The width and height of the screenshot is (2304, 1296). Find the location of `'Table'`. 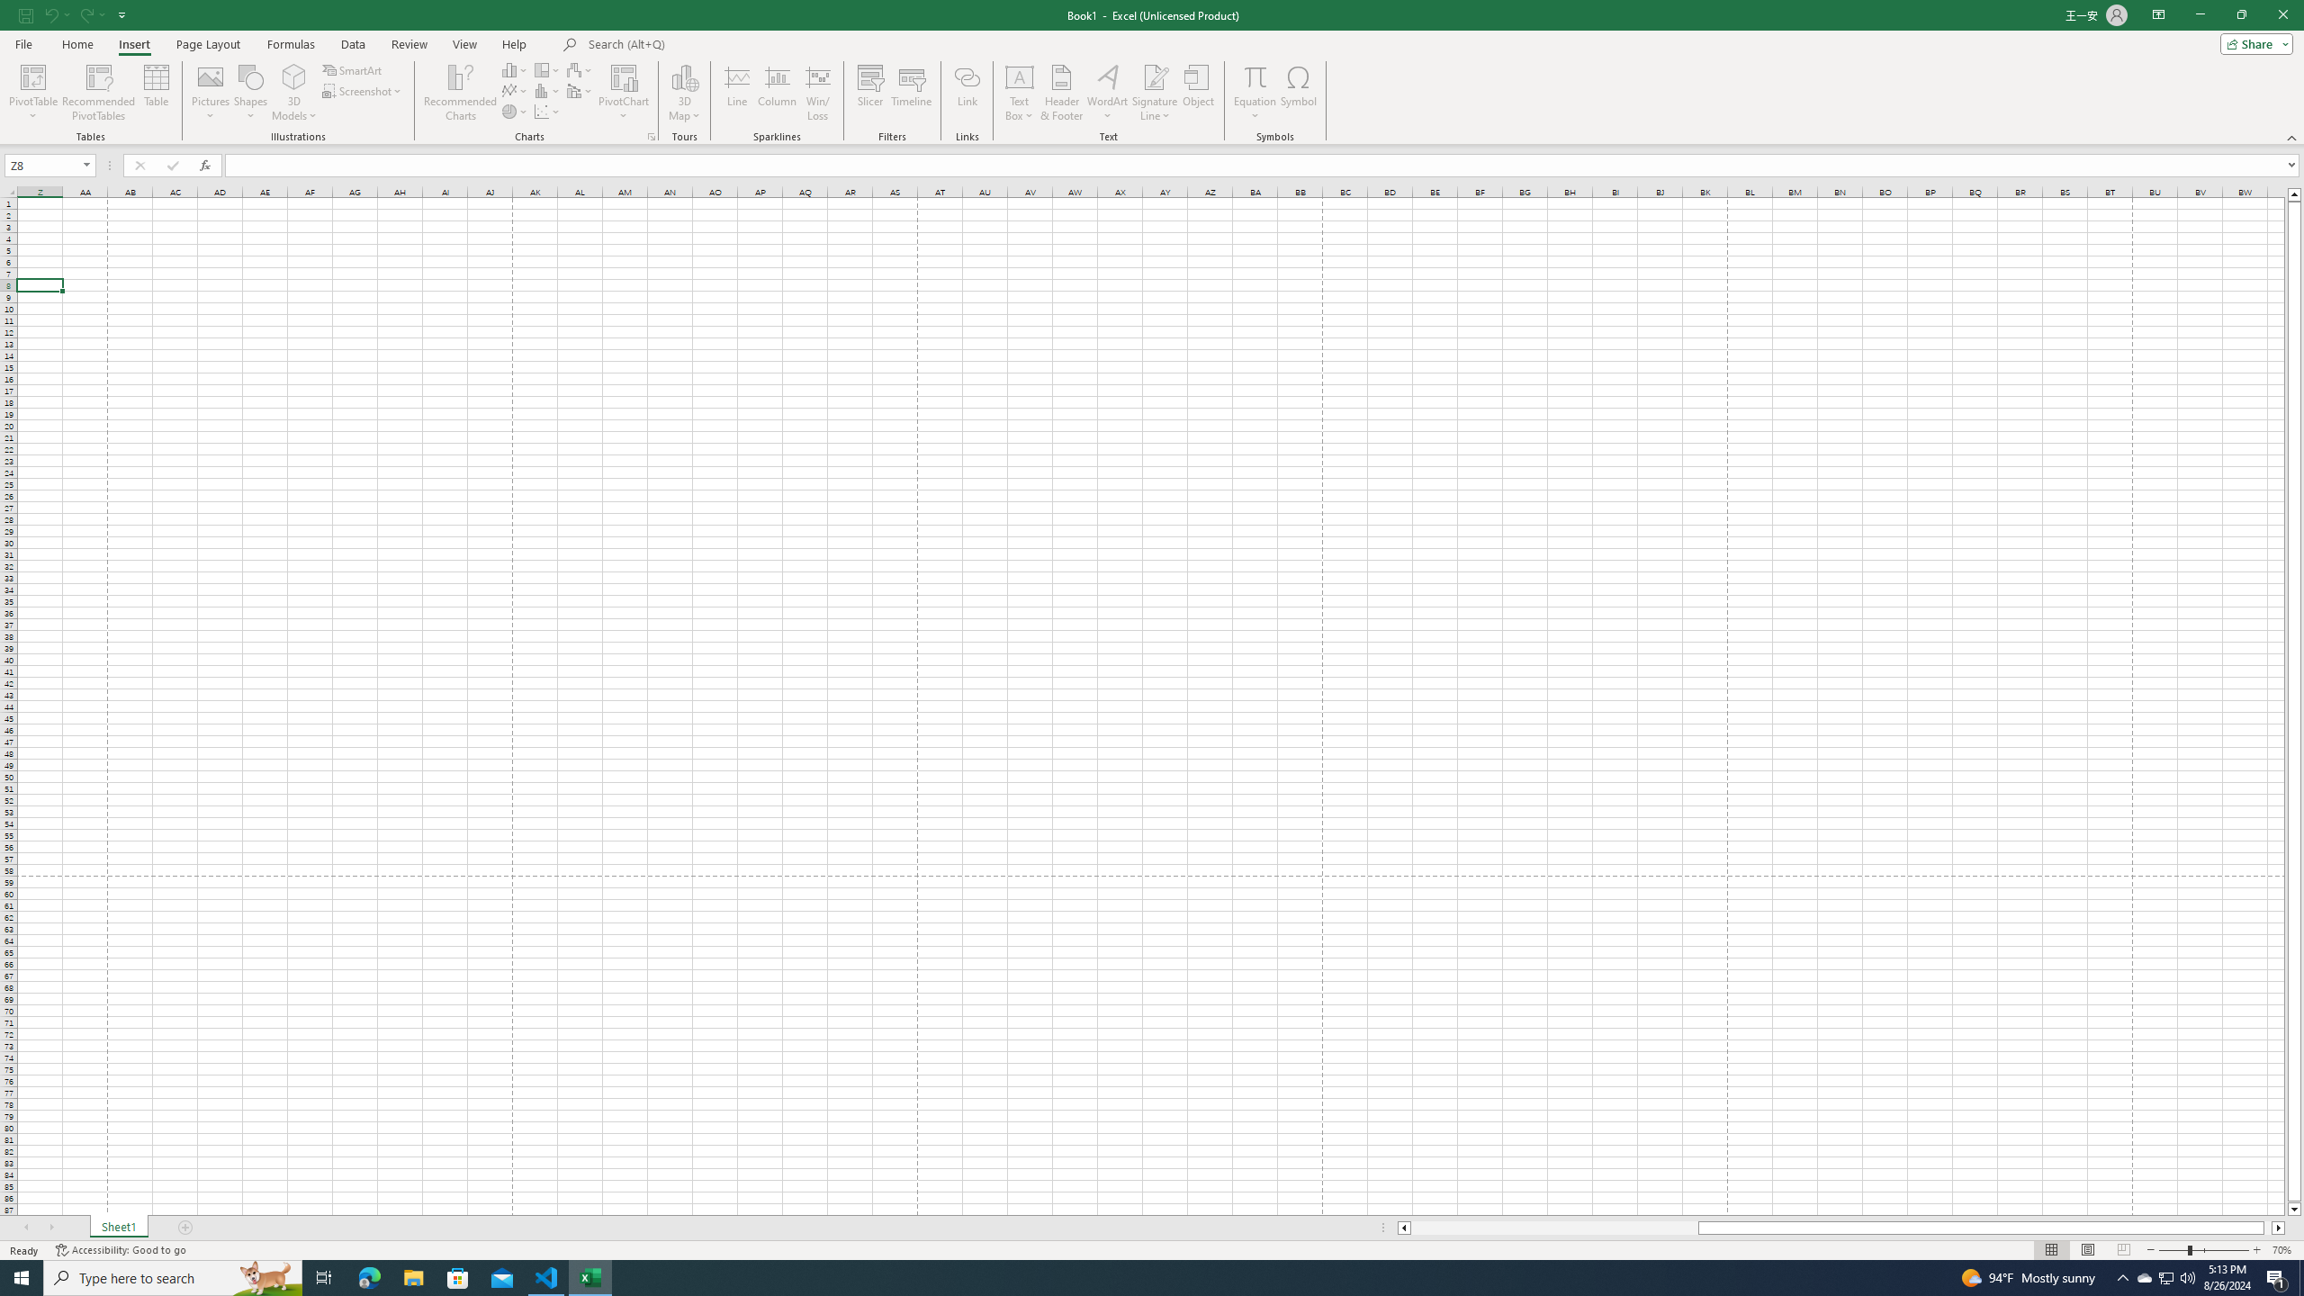

'Table' is located at coordinates (157, 93).